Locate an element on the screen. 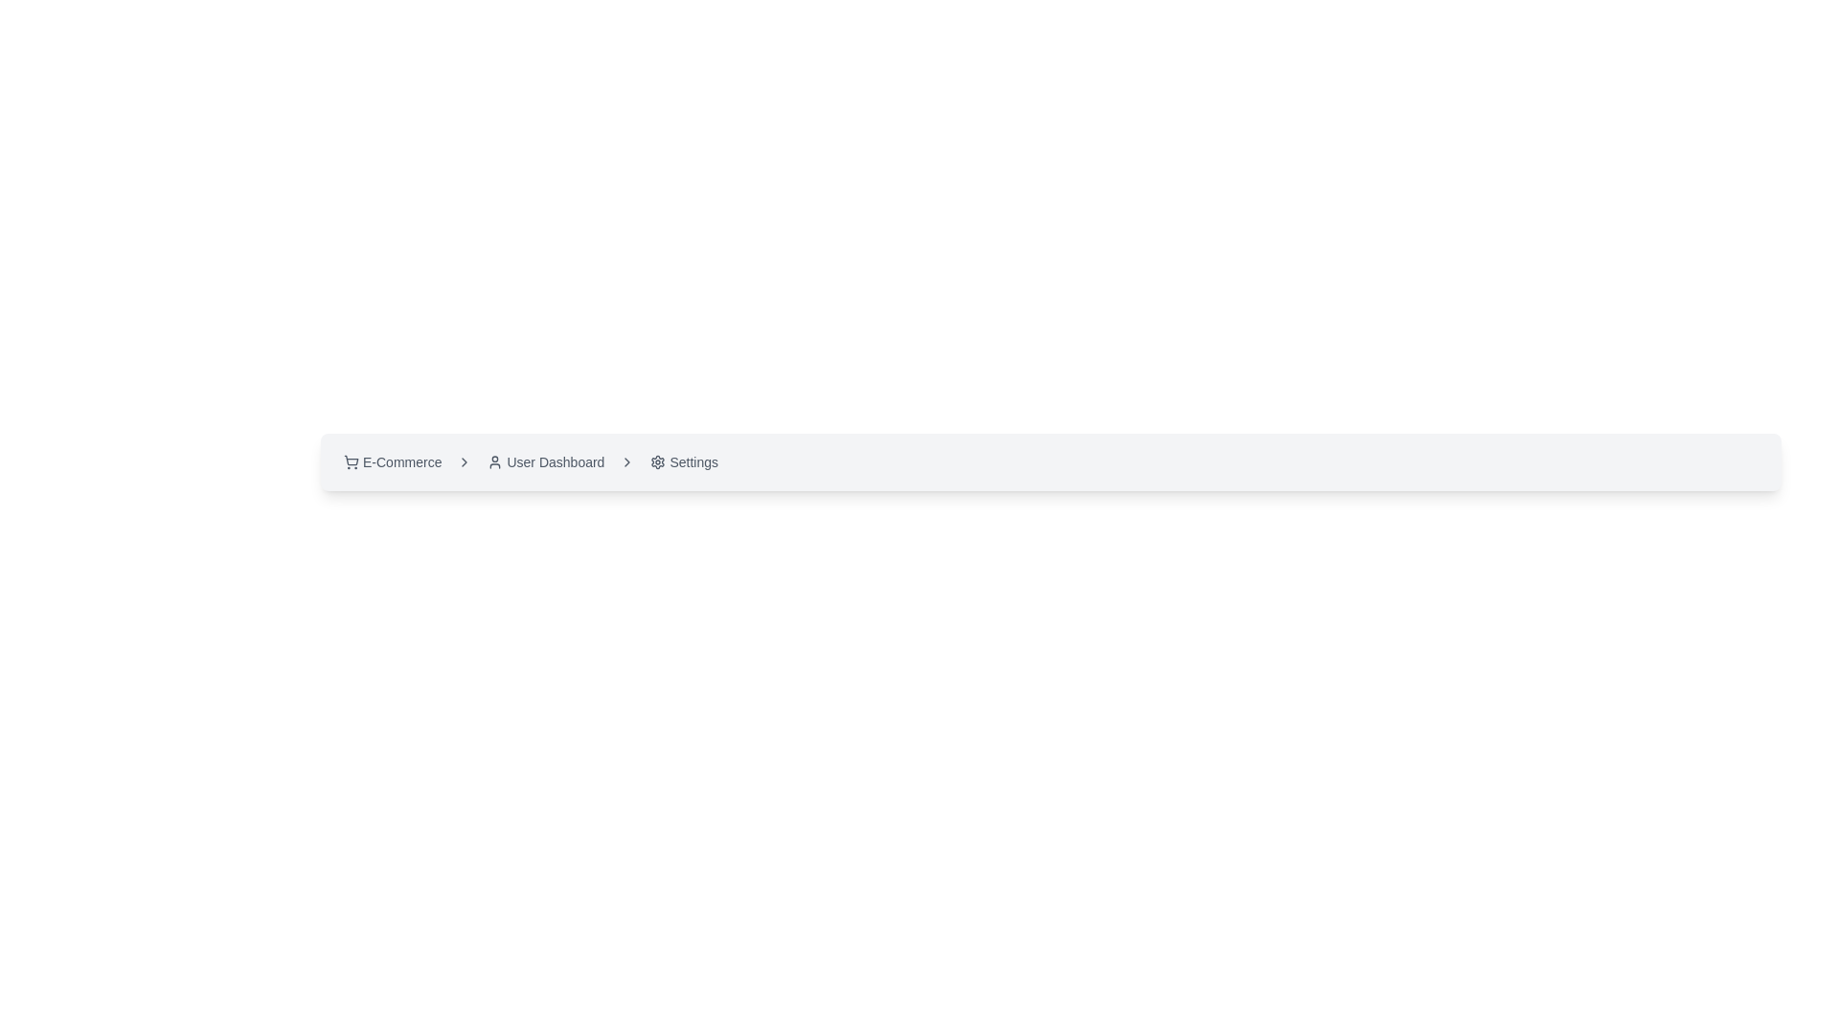  the 'E-Commerce' button with a shopping cart icon is located at coordinates (392, 461).